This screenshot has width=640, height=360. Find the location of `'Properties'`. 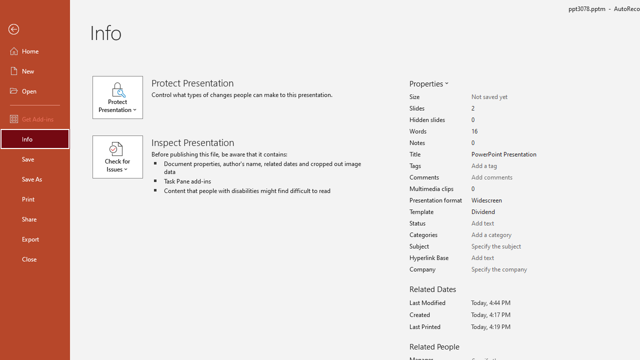

'Properties' is located at coordinates (428, 83).